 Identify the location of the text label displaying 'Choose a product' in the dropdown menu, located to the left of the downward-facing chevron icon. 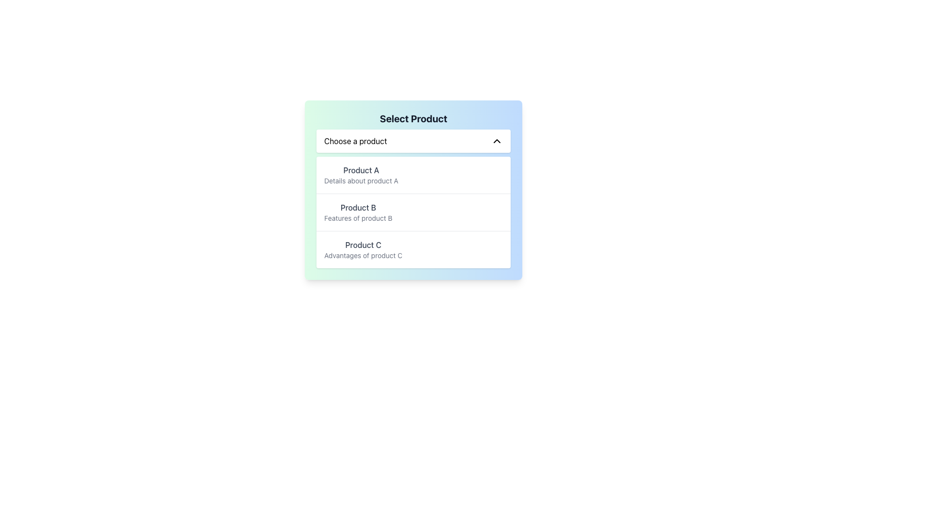
(355, 141).